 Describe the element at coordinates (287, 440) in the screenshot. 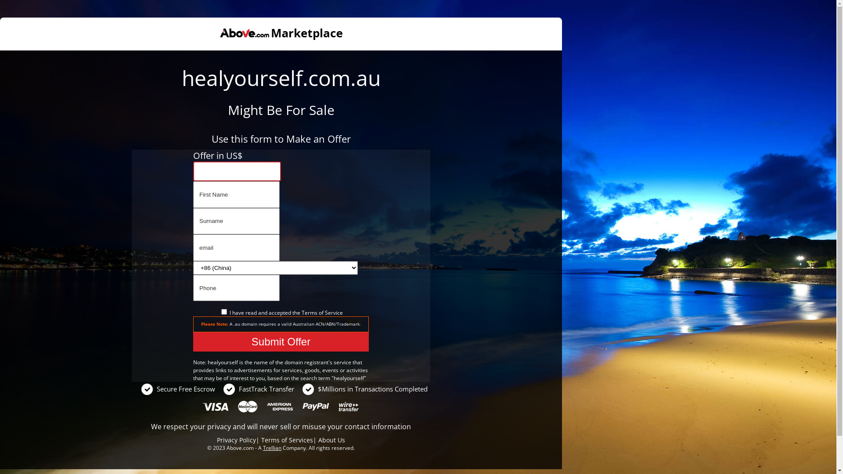

I see `'Terms of Services'` at that location.